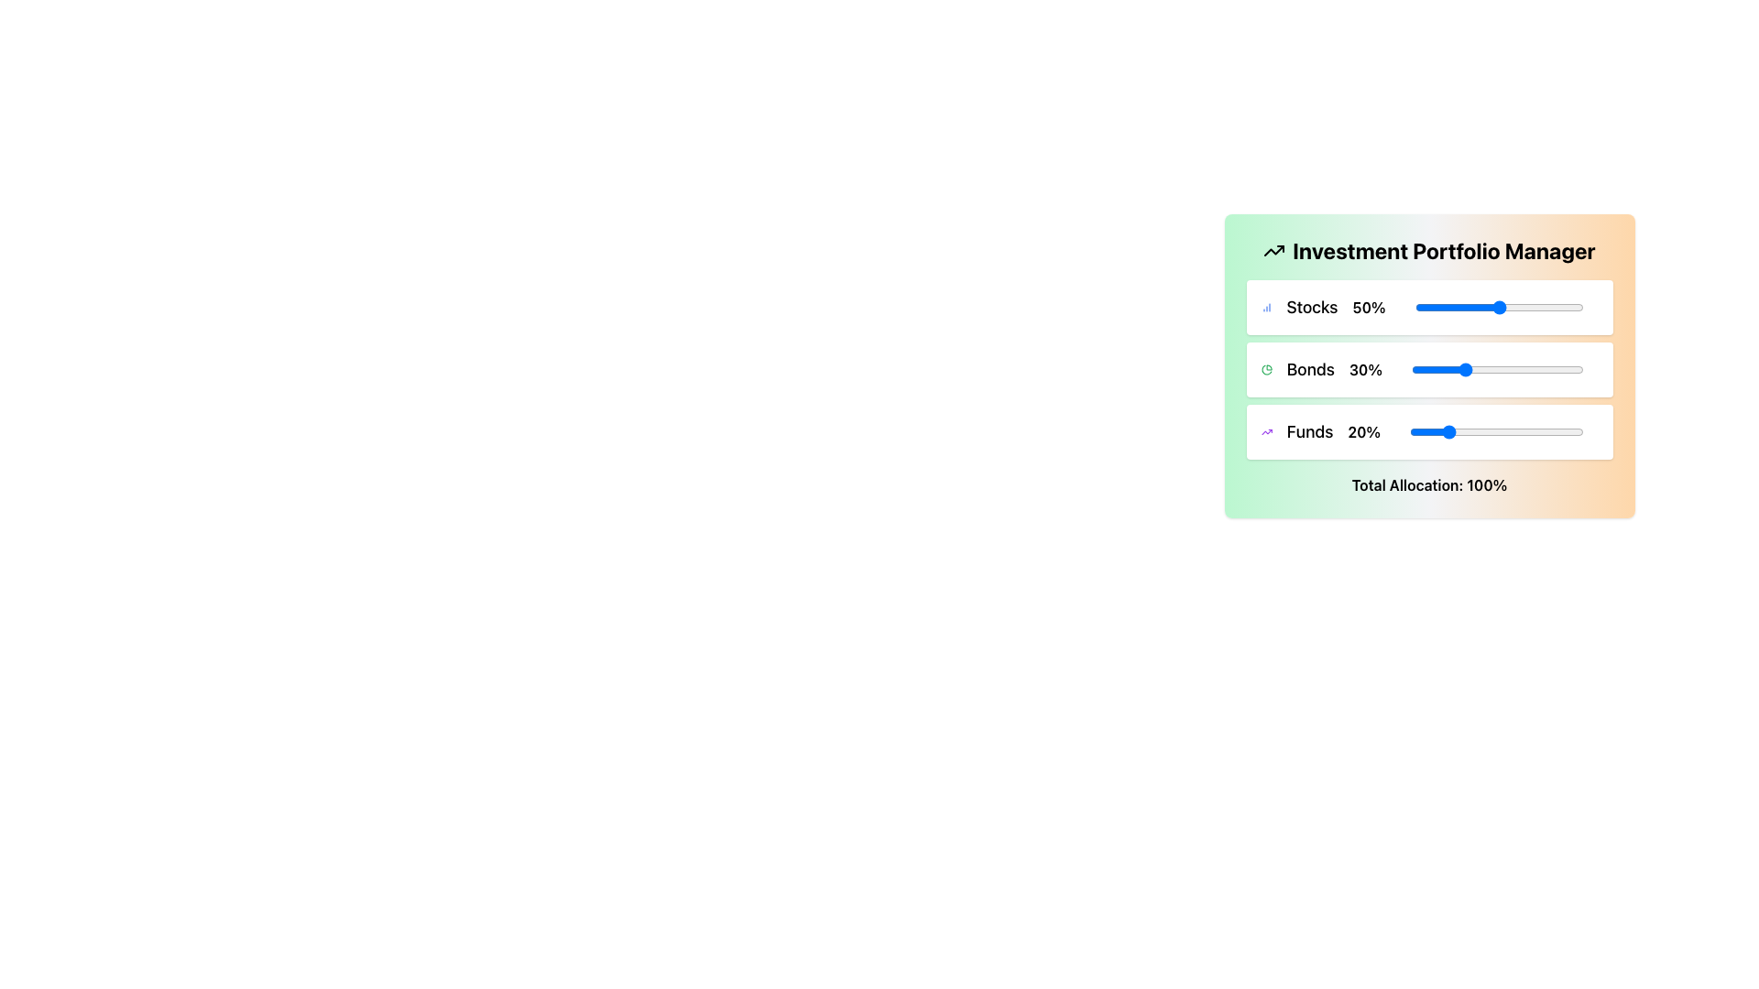 The width and height of the screenshot is (1759, 989). What do you see at coordinates (1499, 370) in the screenshot?
I see `the Bonds slider value` at bounding box center [1499, 370].